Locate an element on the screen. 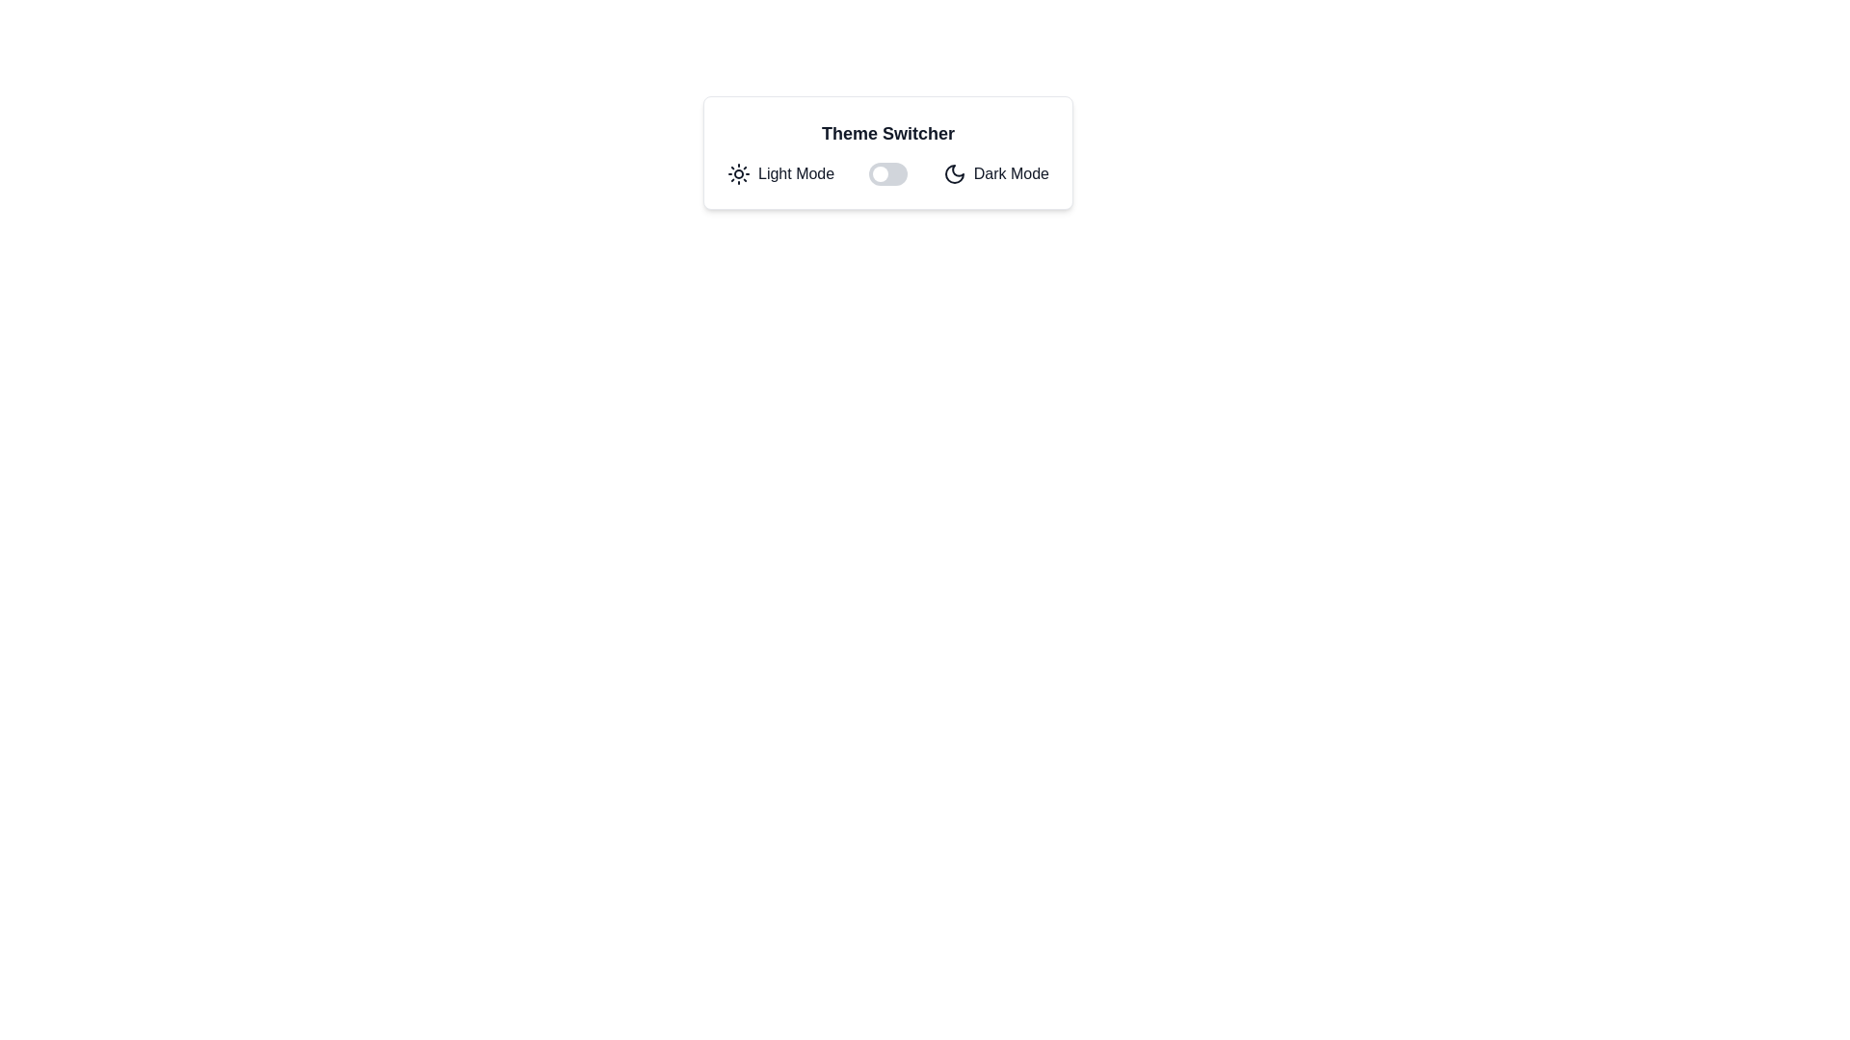 The height and width of the screenshot is (1040, 1850). the toggle switch in the 'Theme Switcher' UI component is located at coordinates (887, 174).